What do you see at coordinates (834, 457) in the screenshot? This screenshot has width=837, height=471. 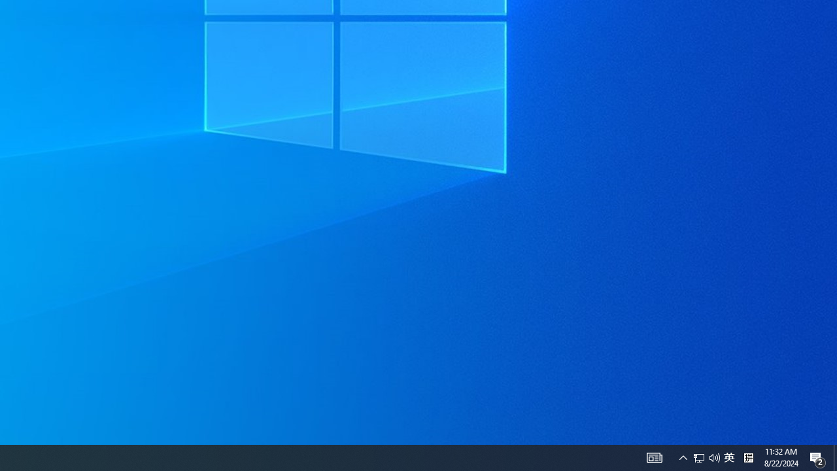 I see `'Show desktop'` at bounding box center [834, 457].